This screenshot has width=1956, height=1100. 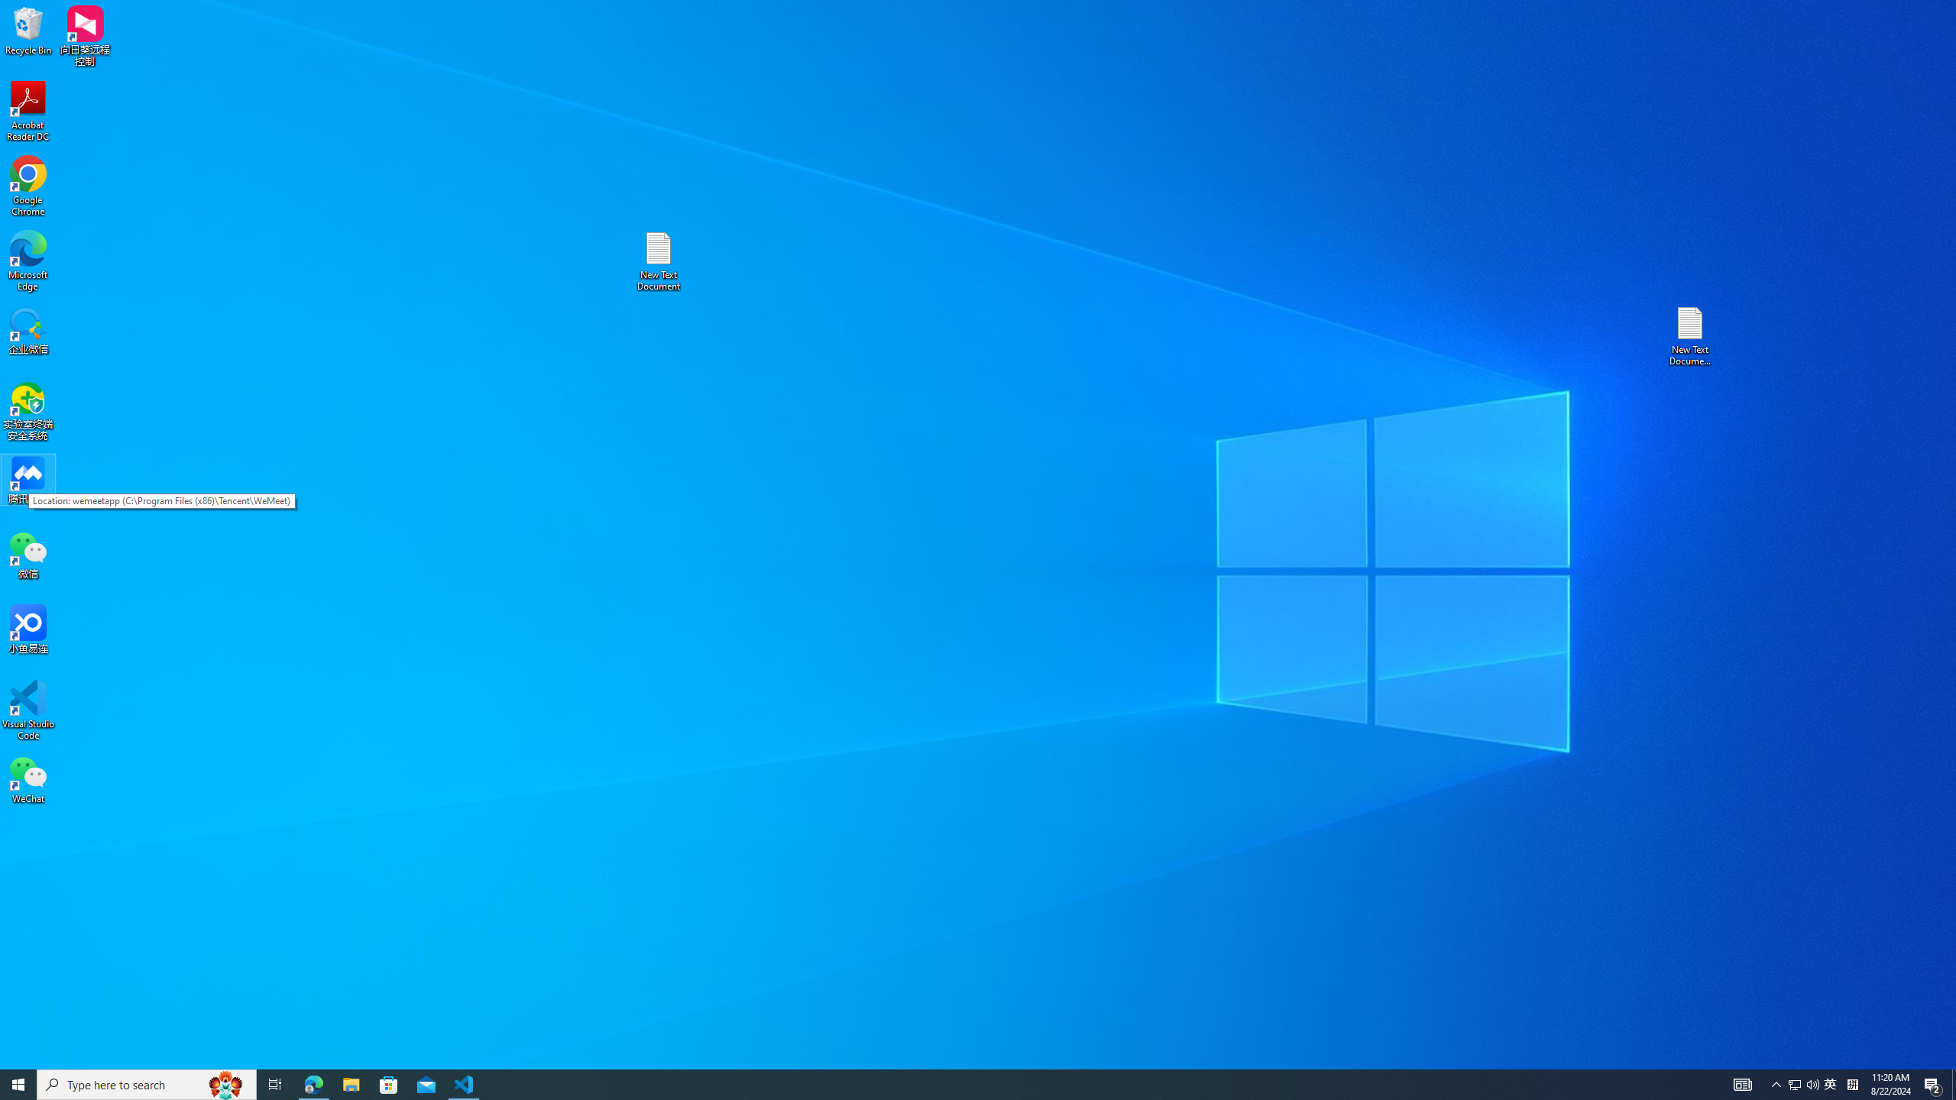 I want to click on 'WeChat', so click(x=28, y=778).